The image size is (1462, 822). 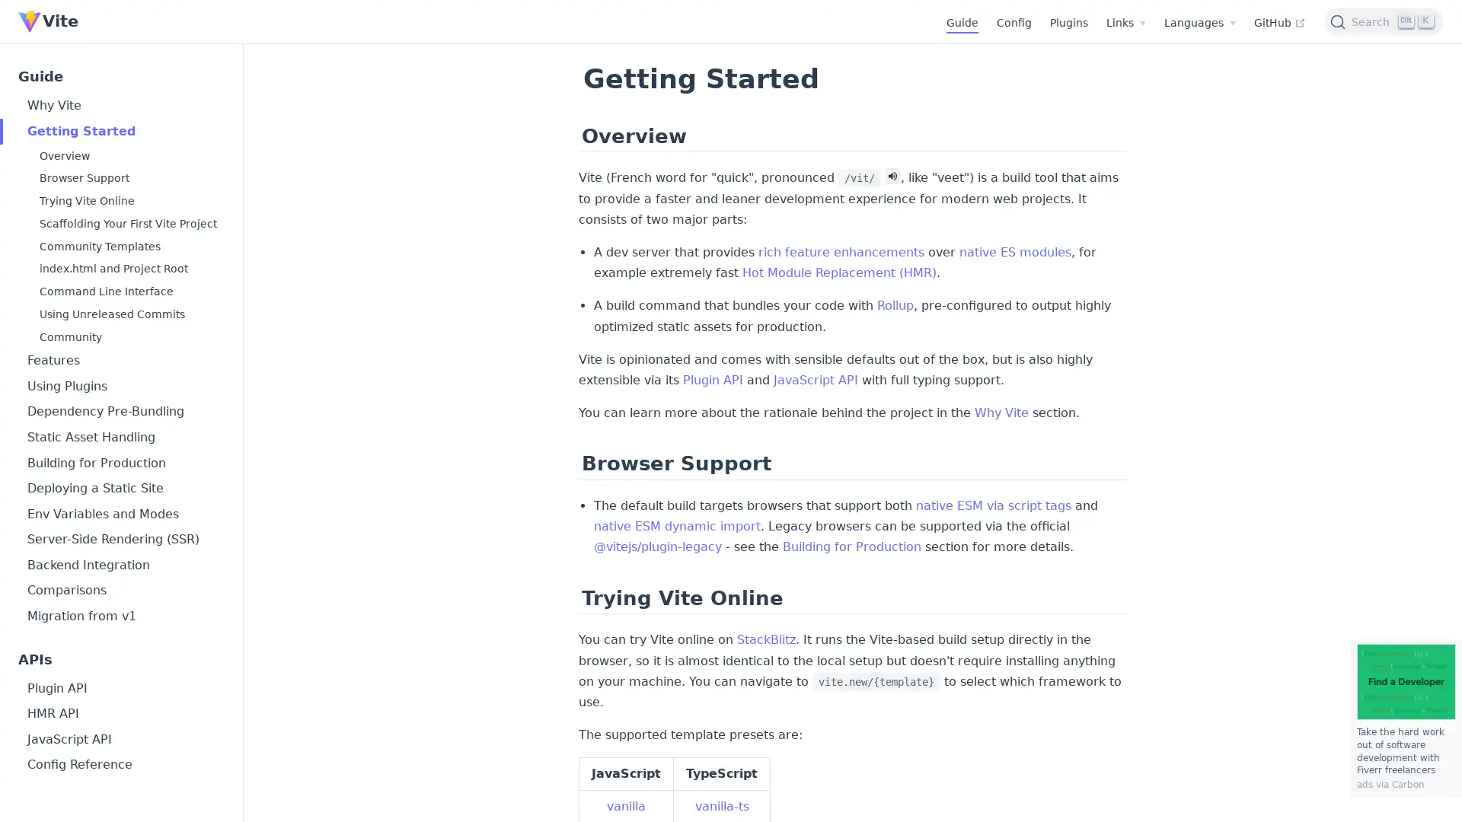 I want to click on Links, so click(x=1125, y=23).